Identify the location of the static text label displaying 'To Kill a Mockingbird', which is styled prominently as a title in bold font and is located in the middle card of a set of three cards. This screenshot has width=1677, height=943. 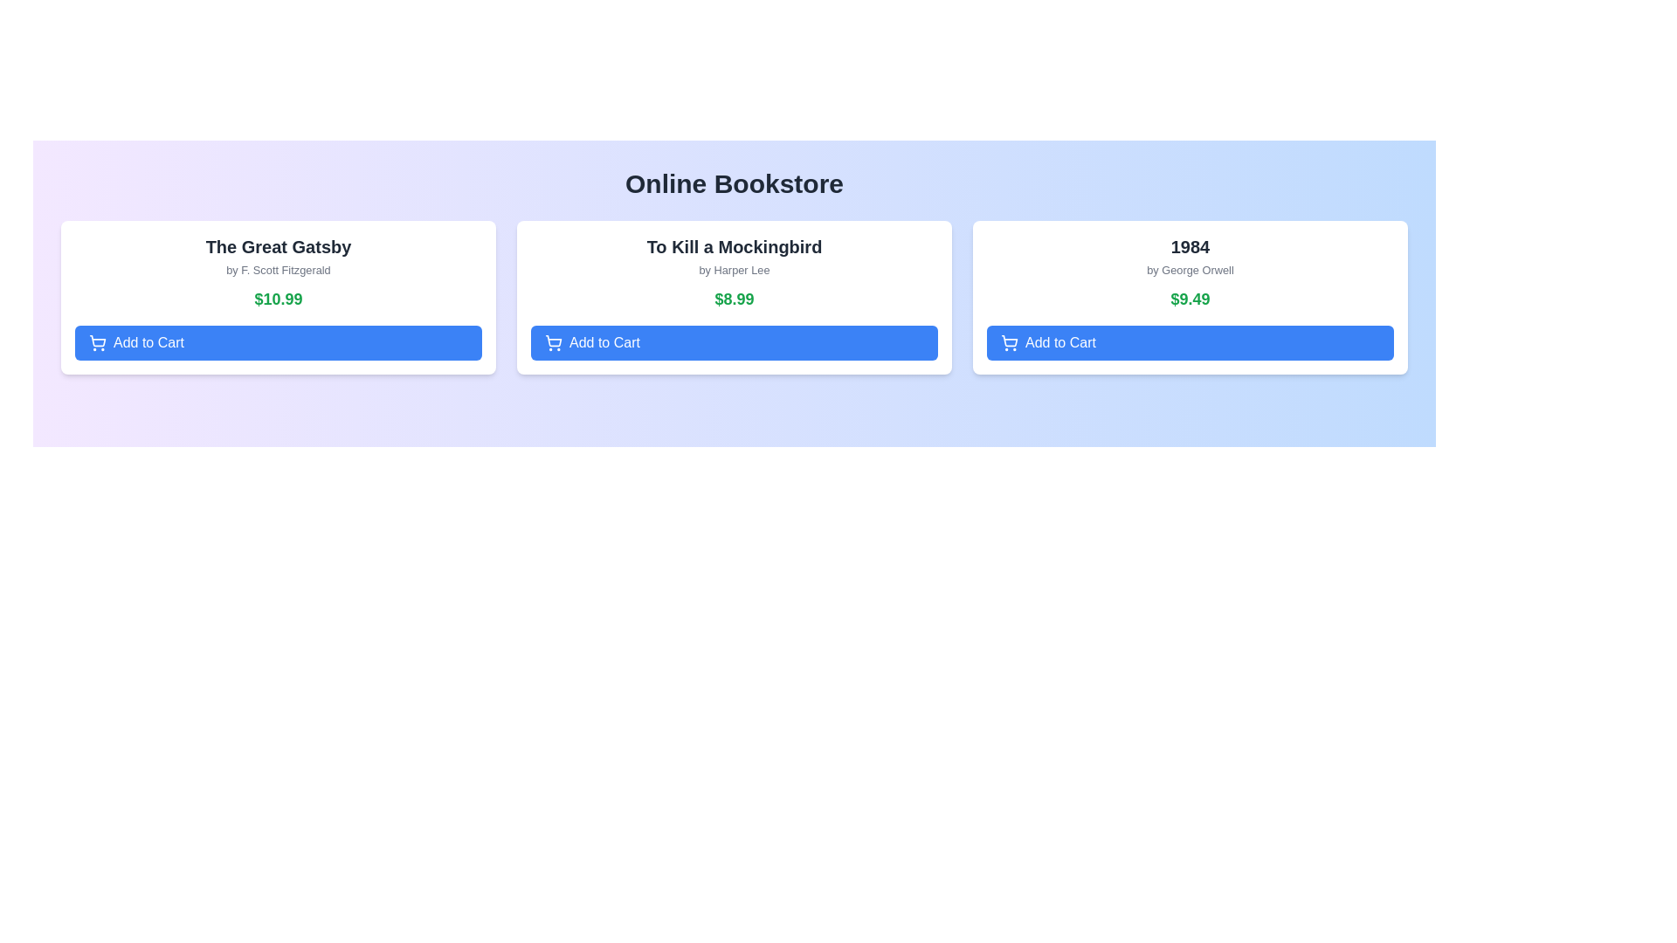
(734, 246).